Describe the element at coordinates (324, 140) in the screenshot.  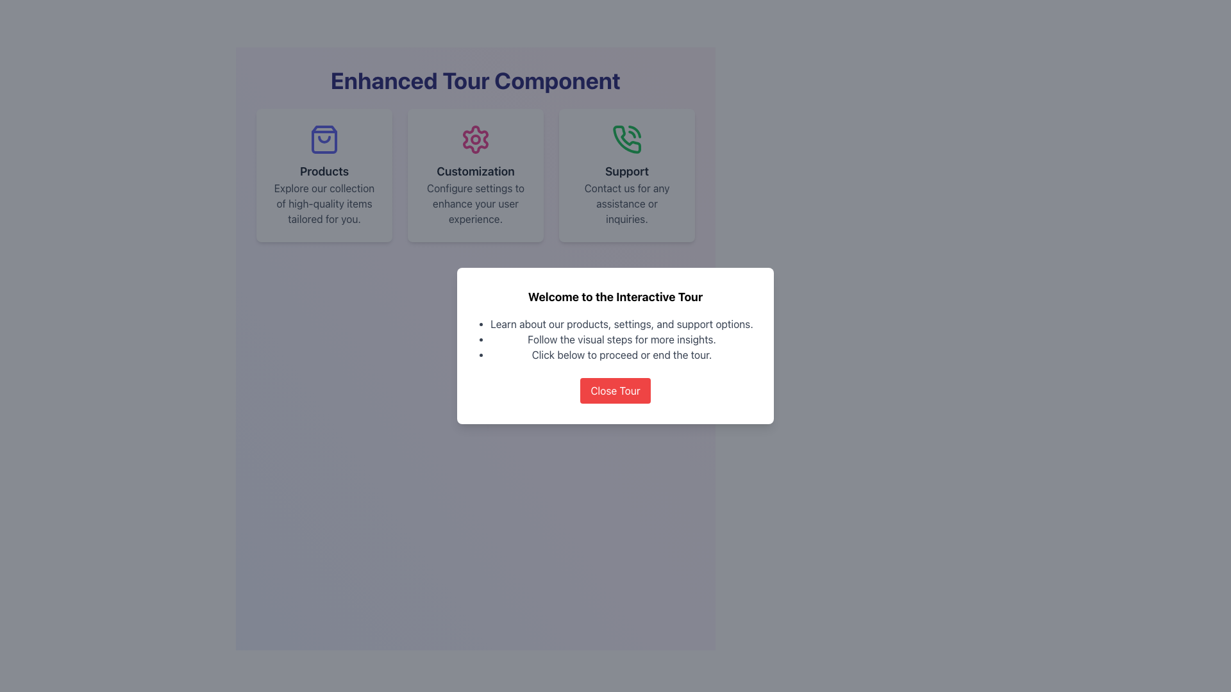
I see `the 'Products' icon, which is the first visual element in a white, shadowed card on the left side of a three-card layout` at that location.